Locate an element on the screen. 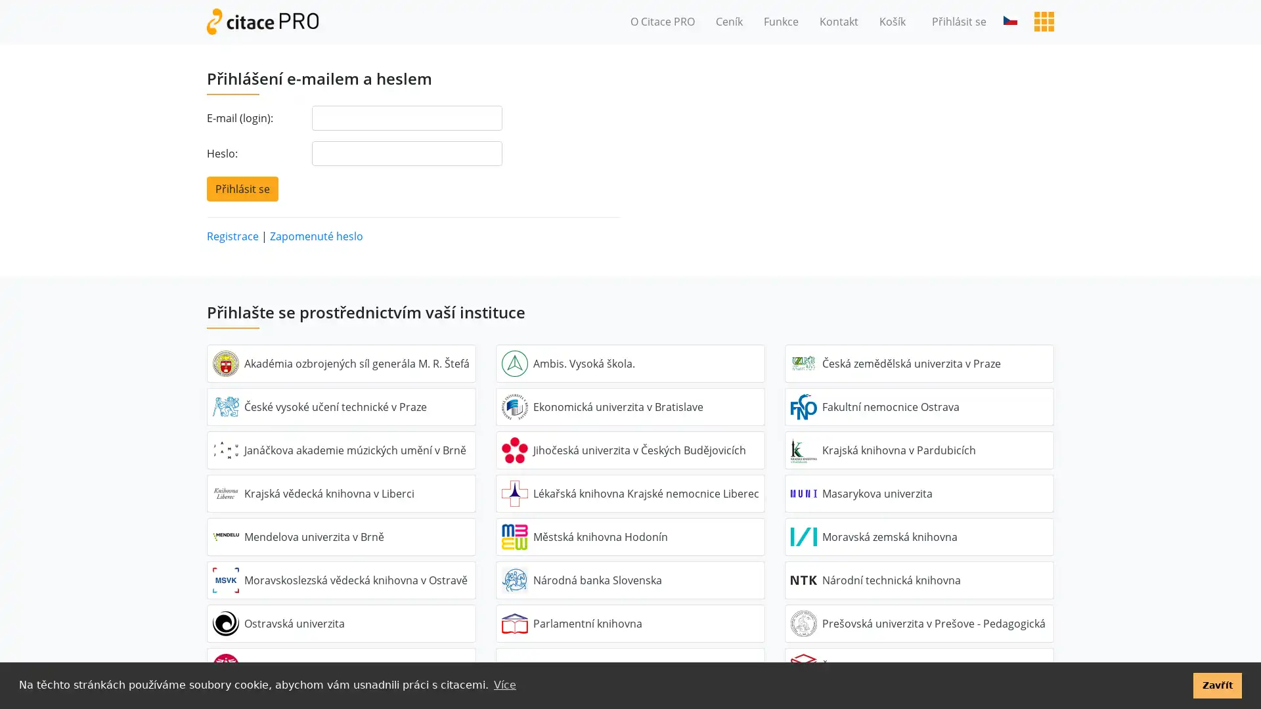 The width and height of the screenshot is (1261, 709). dismiss cookie message is located at coordinates (1216, 685).